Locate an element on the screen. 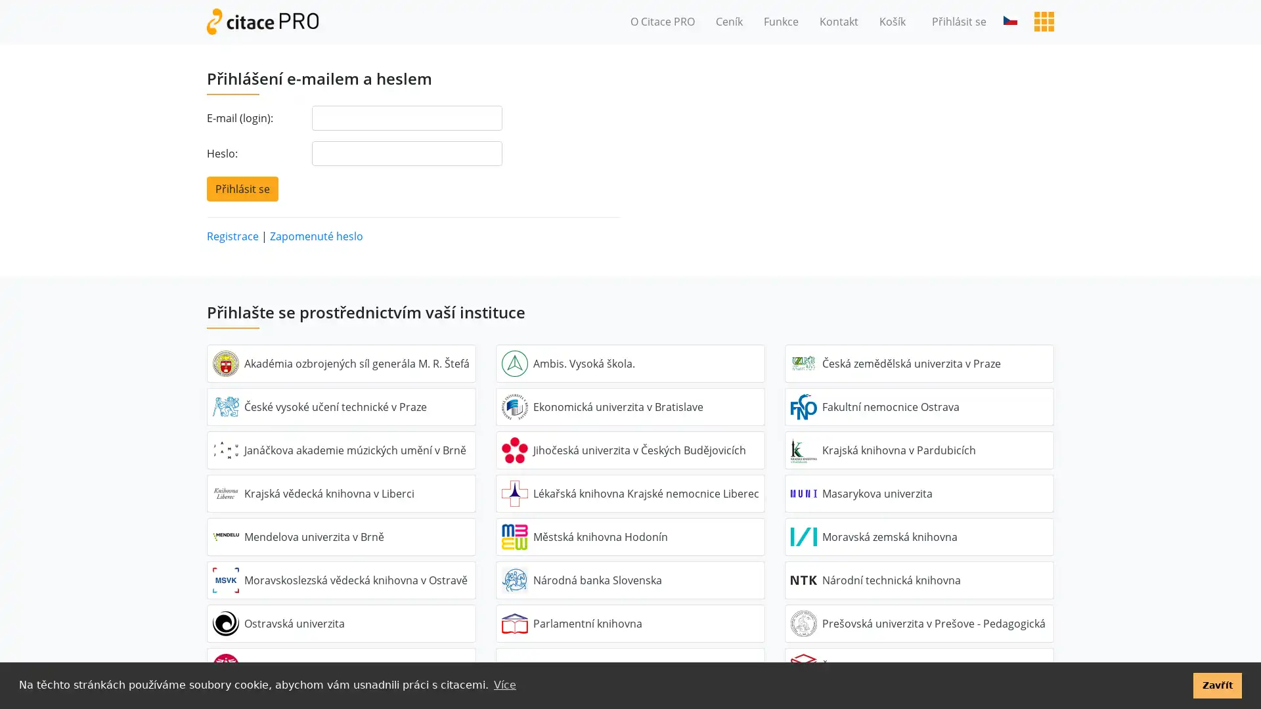 The width and height of the screenshot is (1261, 709). dismiss cookie message is located at coordinates (1216, 685).